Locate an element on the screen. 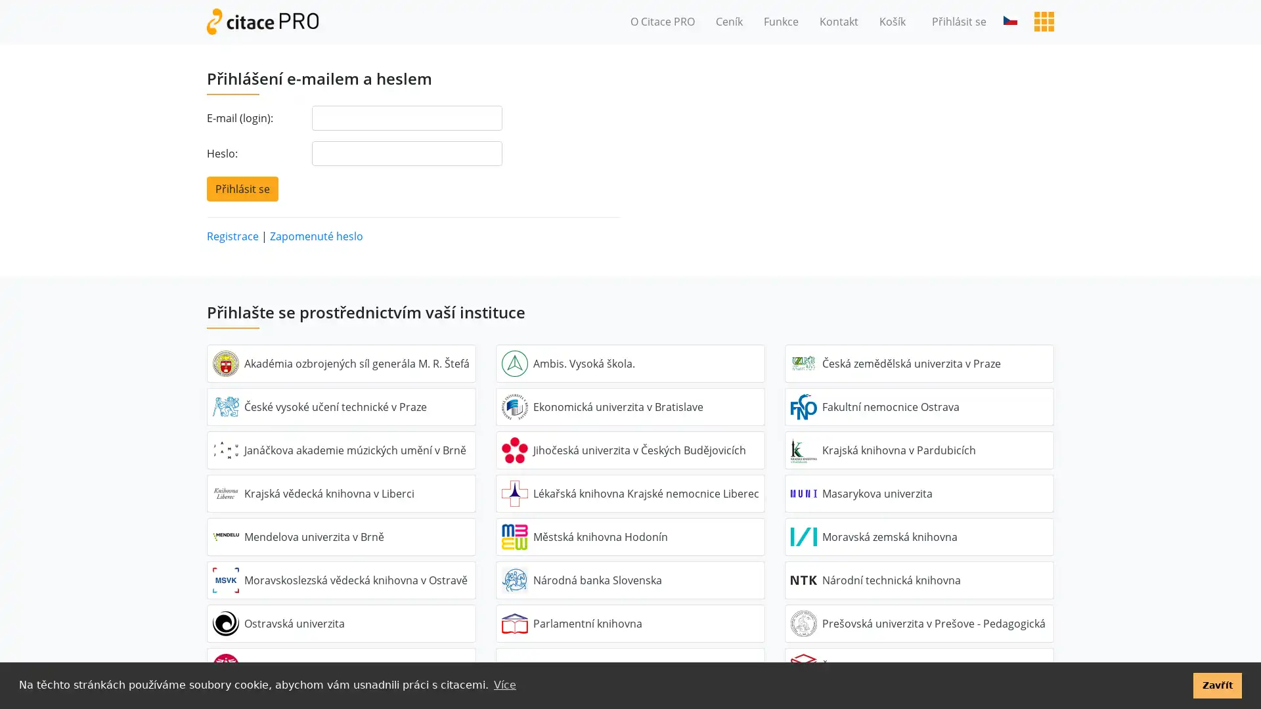 The width and height of the screenshot is (1261, 709). dismiss cookie message is located at coordinates (1216, 685).